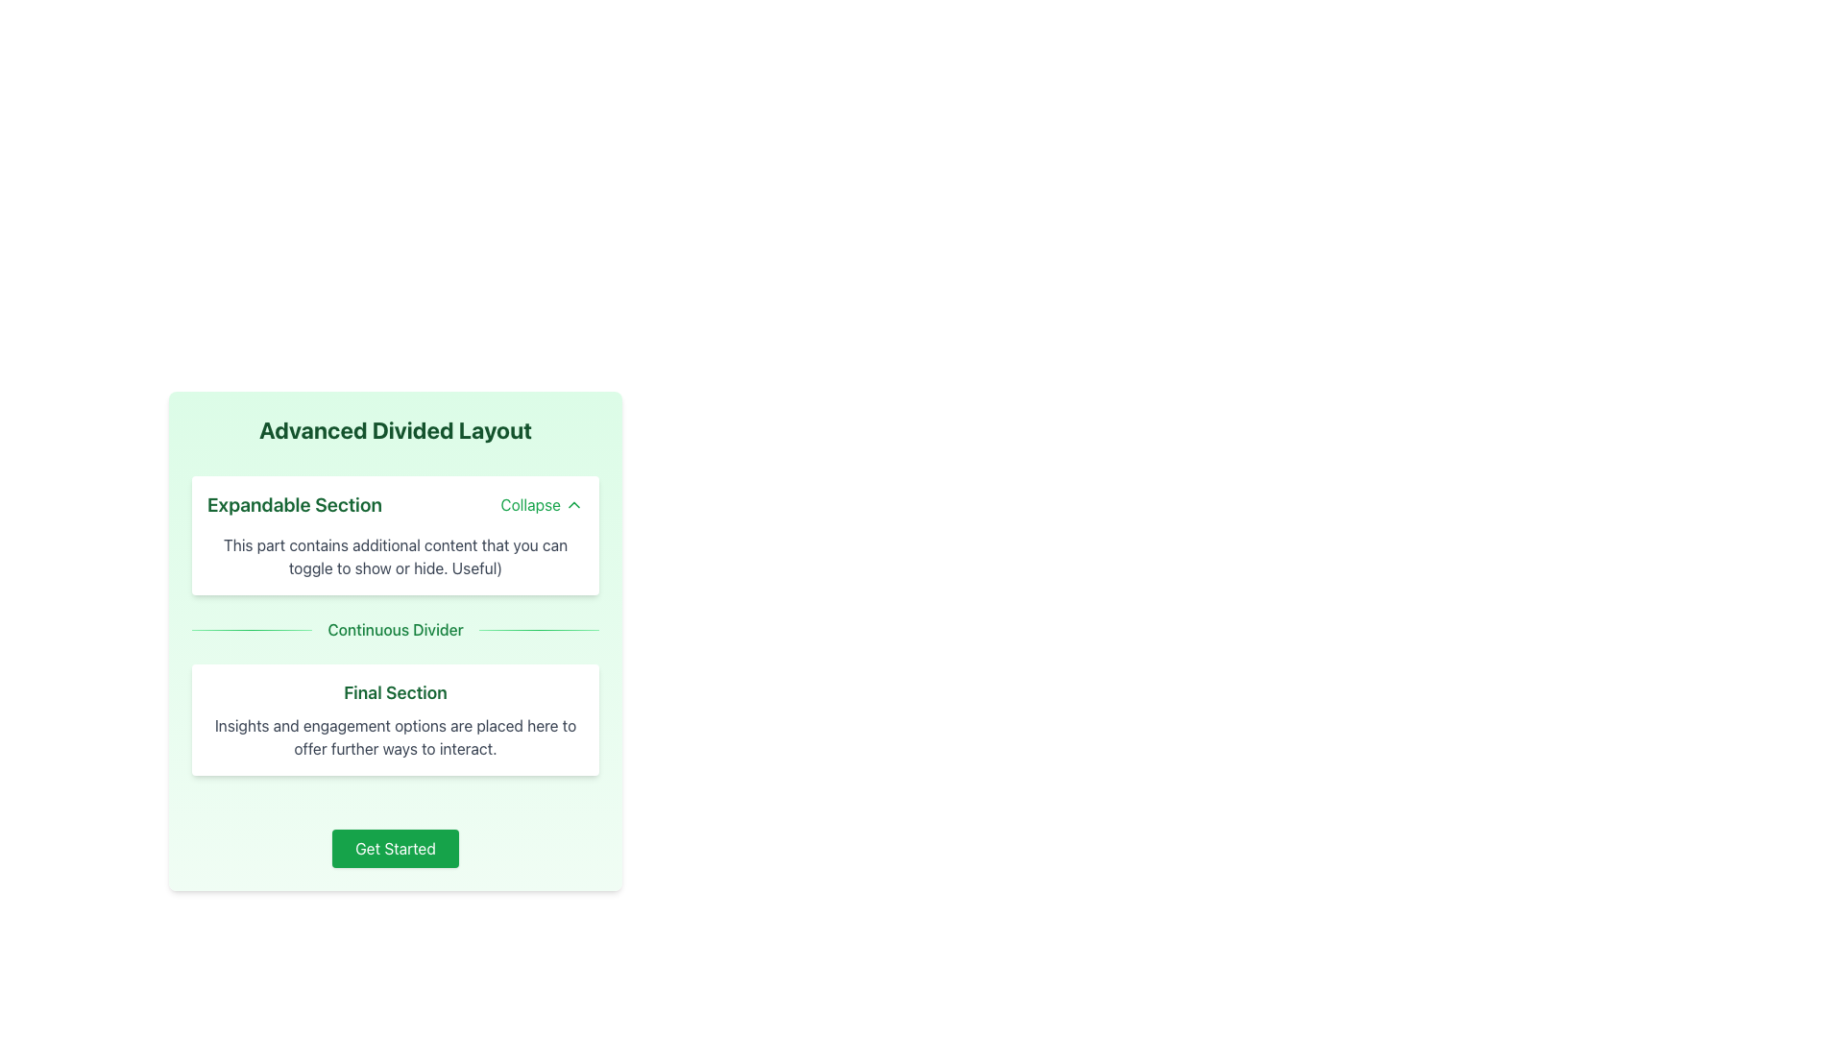 The width and height of the screenshot is (1844, 1037). Describe the element at coordinates (395, 428) in the screenshot. I see `text of the Text Label, which serves as the title or heading of the card layout, positioned at the top of the layout and horizontally centered` at that location.